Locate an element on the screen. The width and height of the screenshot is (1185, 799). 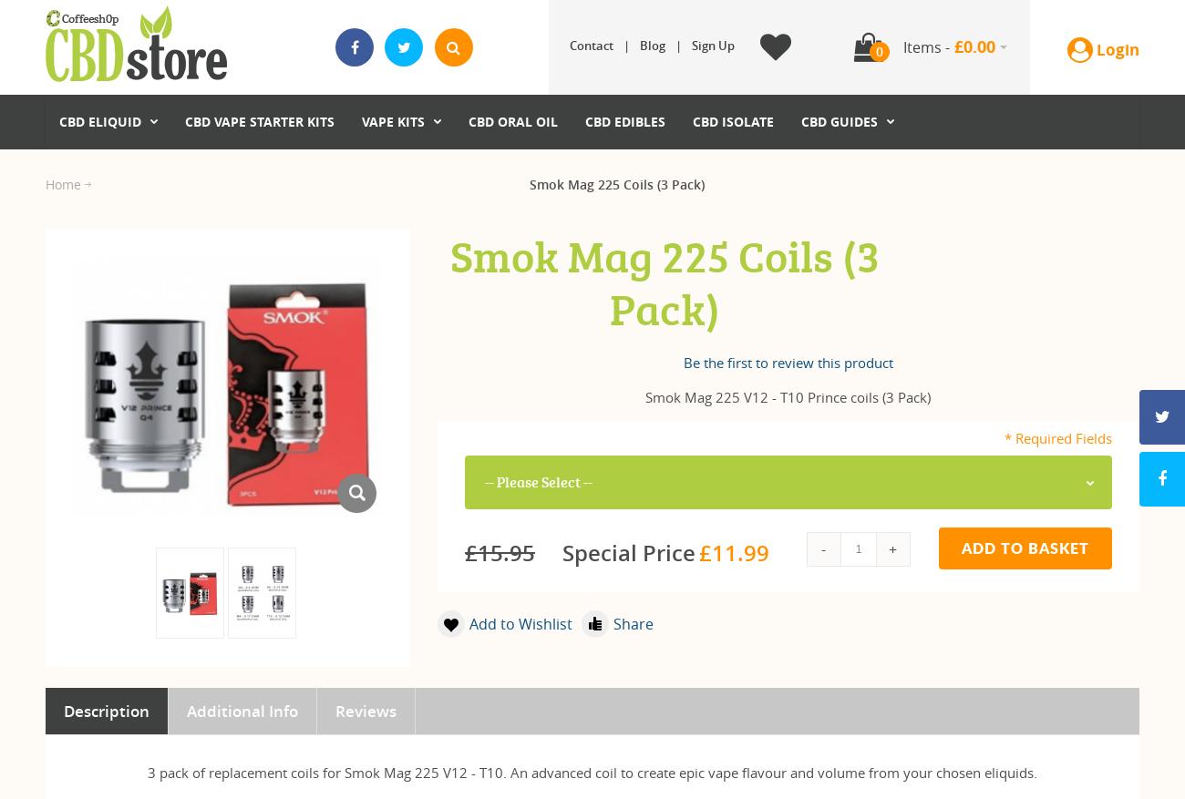
'* Required Fields' is located at coordinates (1056, 438).